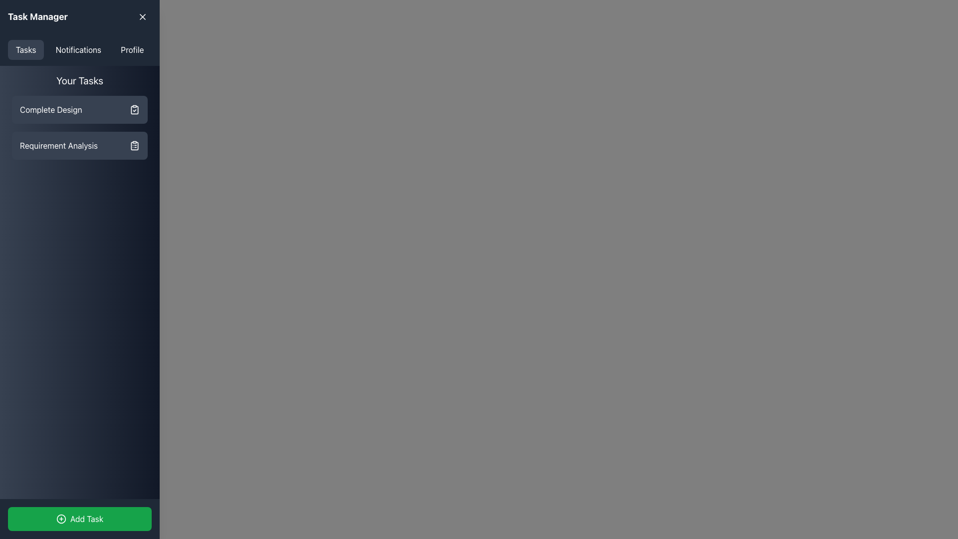  I want to click on the notifications button located between the 'Tasks' button and the 'Profile' button in the 'Task Manager' section, so click(78, 50).